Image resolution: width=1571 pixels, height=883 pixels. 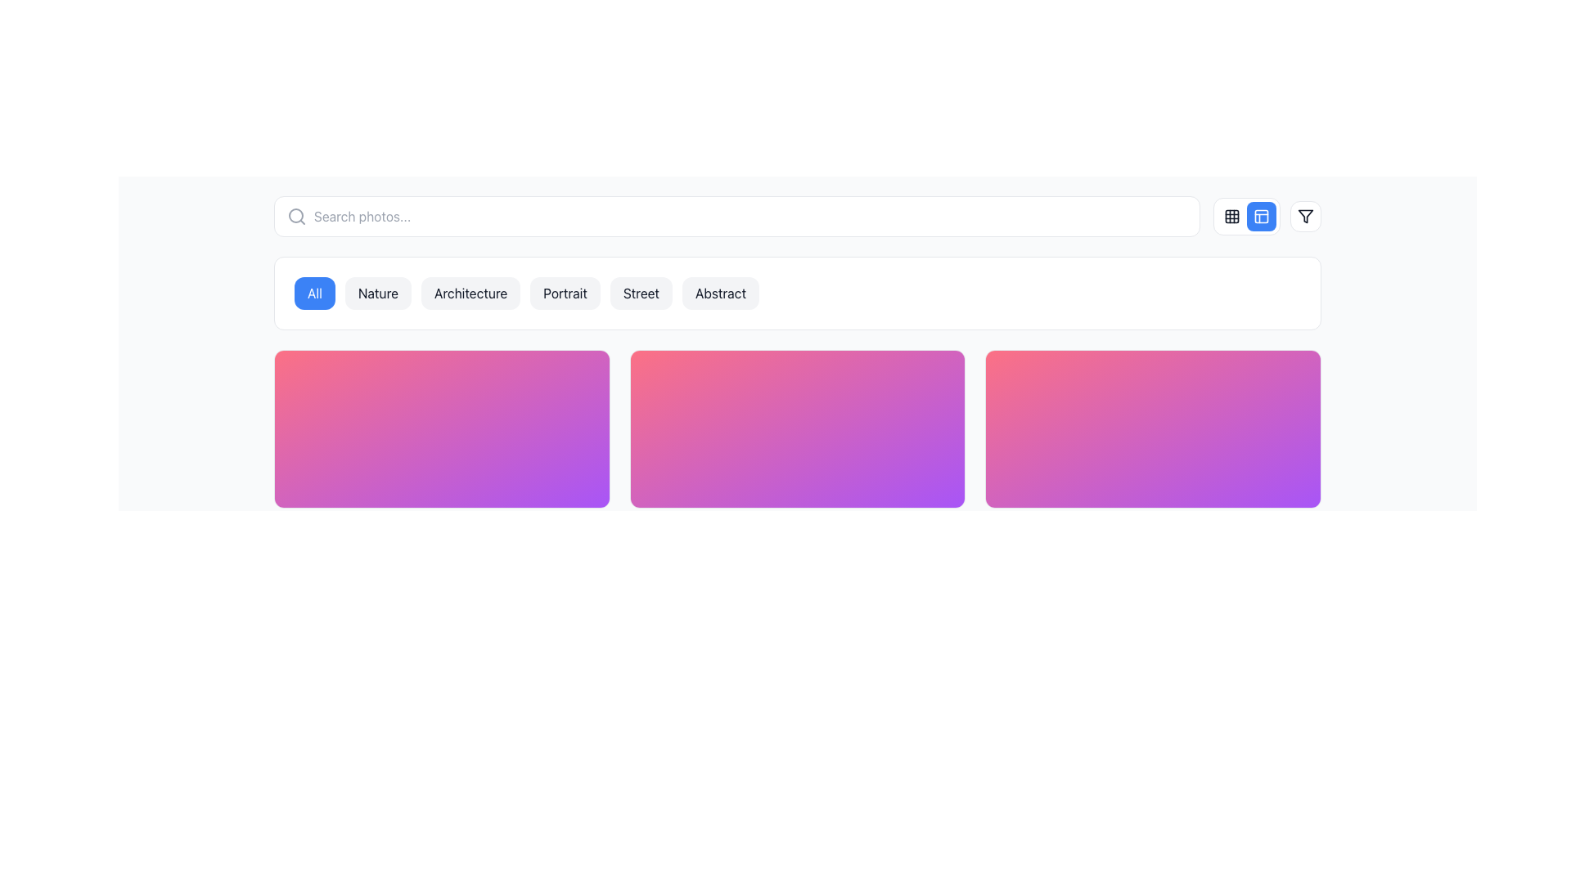 I want to click on the central cell of the 3x3 grid icon, which is part of the decorative grid structure located on the rightmost part of the toolbar at the top of the interface, so click(x=1232, y=216).